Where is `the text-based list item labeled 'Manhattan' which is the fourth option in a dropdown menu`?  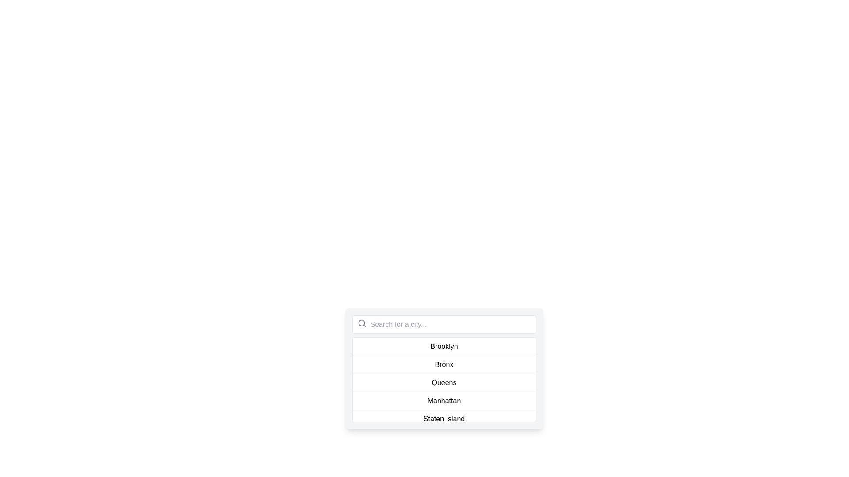
the text-based list item labeled 'Manhattan' which is the fourth option in a dropdown menu is located at coordinates (444, 401).